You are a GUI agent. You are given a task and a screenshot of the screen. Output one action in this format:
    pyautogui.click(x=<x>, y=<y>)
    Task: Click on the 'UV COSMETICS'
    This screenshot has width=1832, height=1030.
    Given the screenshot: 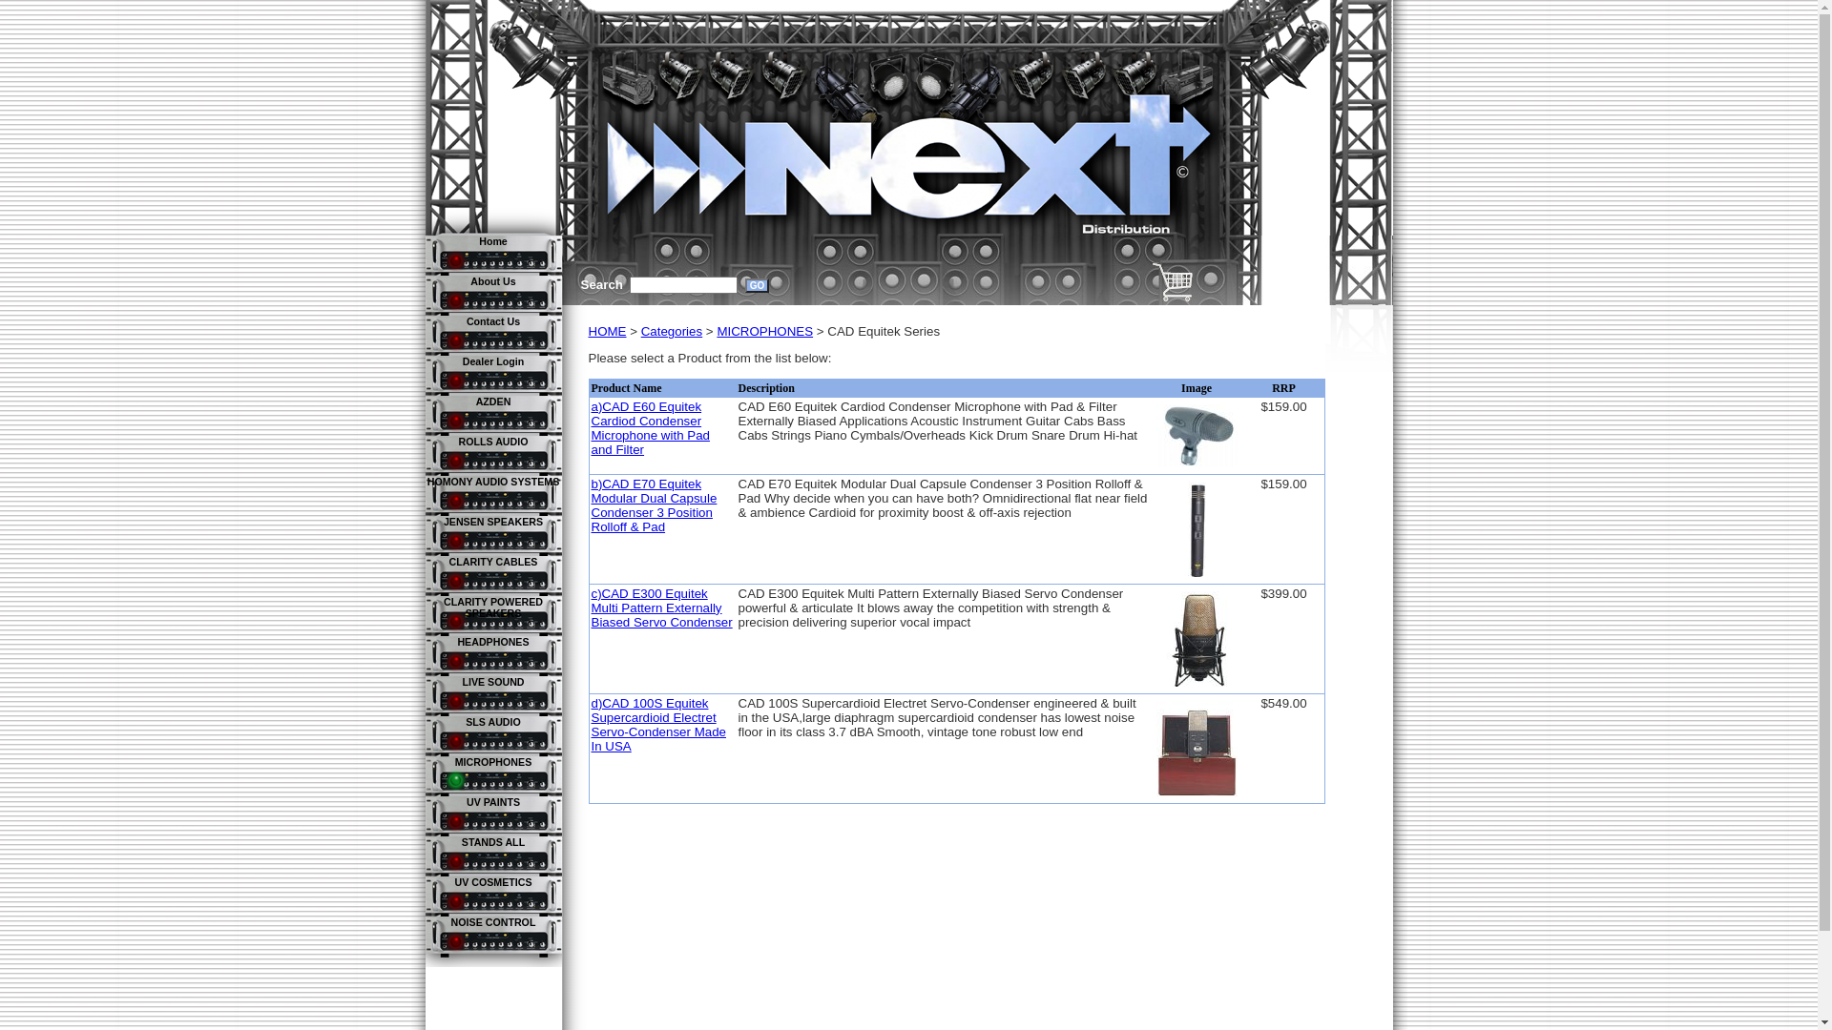 What is the action you would take?
    pyautogui.click(x=452, y=882)
    